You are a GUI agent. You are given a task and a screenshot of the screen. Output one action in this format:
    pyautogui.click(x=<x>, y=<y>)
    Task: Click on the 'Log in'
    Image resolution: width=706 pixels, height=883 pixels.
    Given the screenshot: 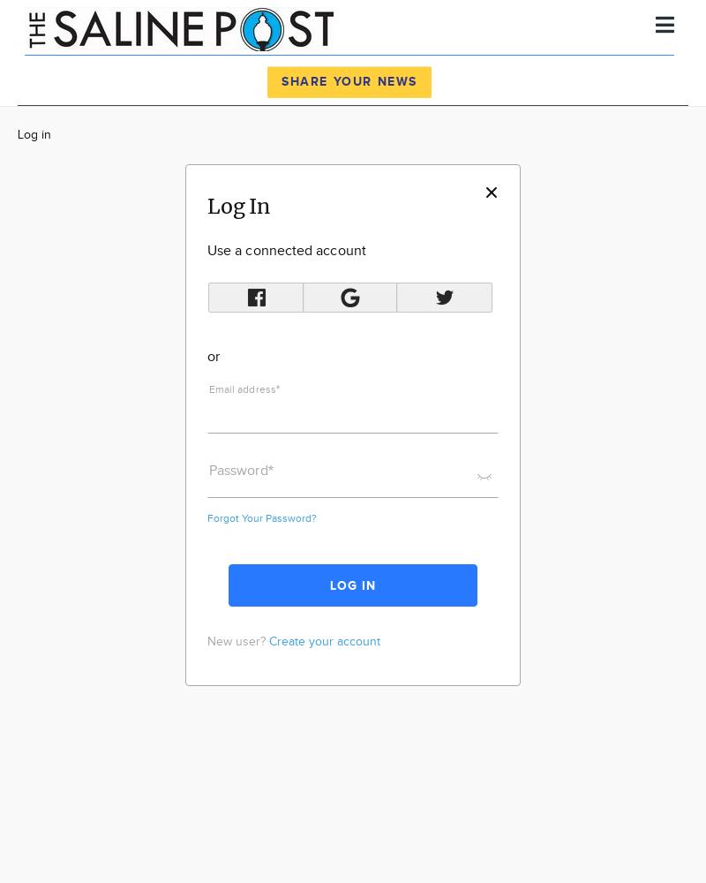 What is the action you would take?
    pyautogui.click(x=18, y=135)
    